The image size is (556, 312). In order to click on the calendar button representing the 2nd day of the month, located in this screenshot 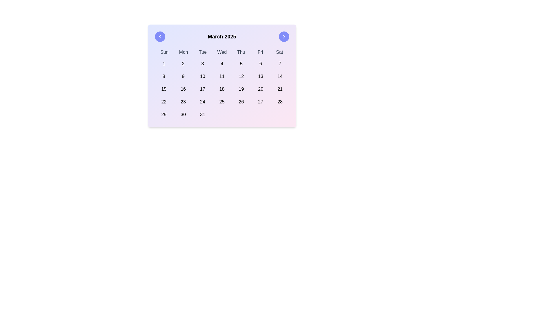, I will do `click(183, 64)`.